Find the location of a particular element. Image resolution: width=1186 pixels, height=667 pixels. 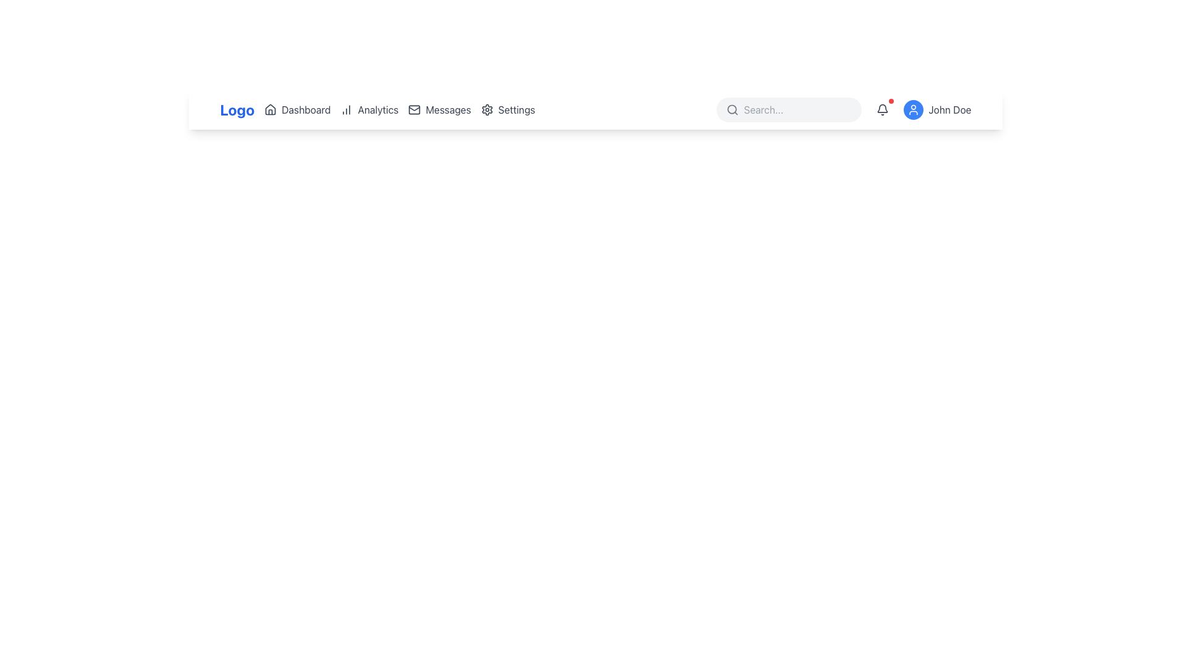

the 'Messages' hyperlink element, styled as a navigation item with an icon and text label is located at coordinates (439, 109).